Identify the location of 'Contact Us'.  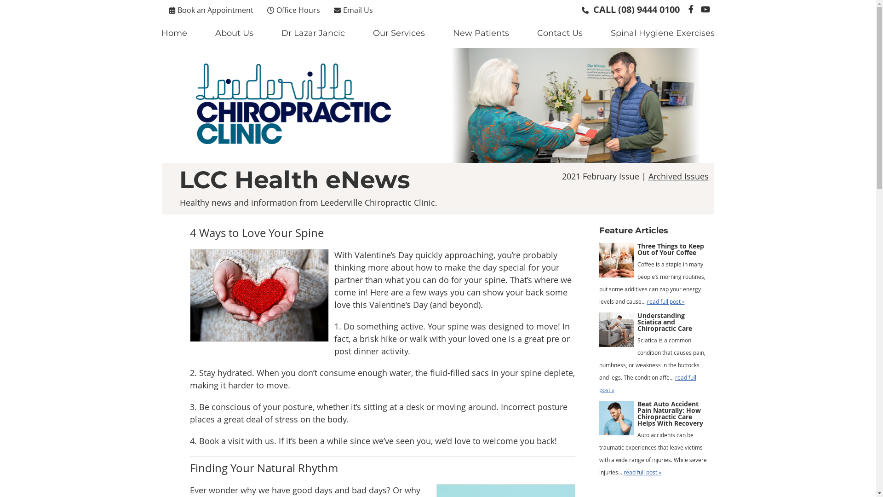
(560, 33).